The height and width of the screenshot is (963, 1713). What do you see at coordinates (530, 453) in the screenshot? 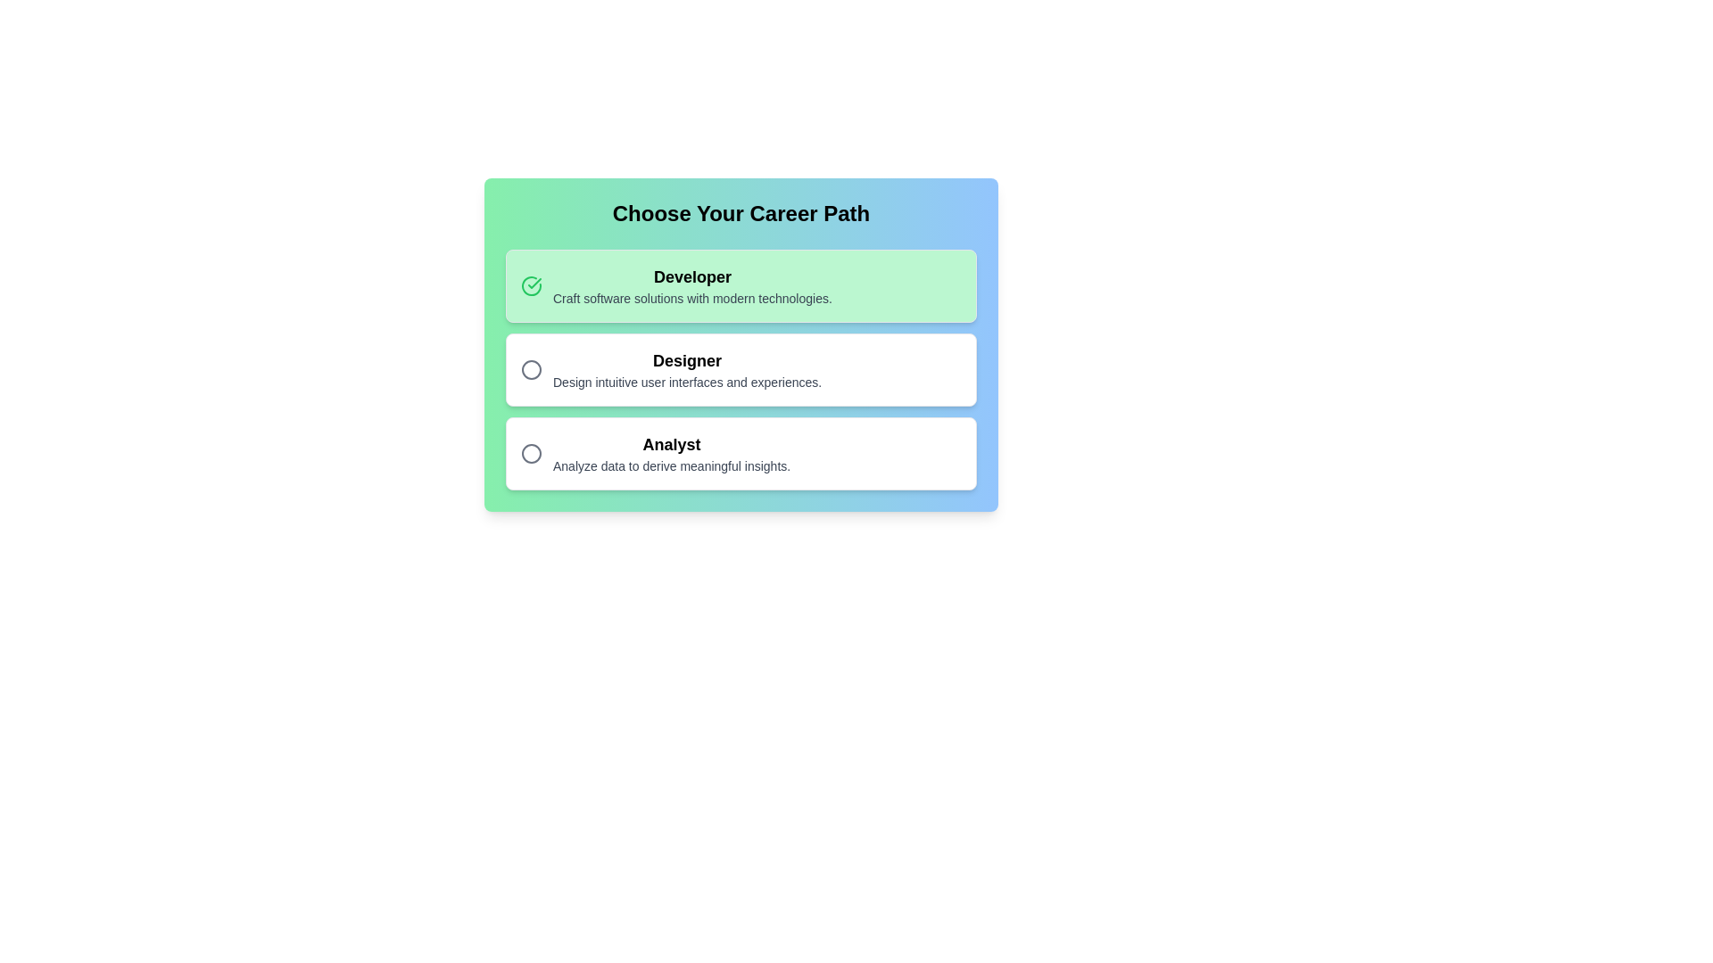
I see `the circular gray icon located to the left of the text 'Analyst Analyze data to derive meaningful insights.'` at bounding box center [530, 453].